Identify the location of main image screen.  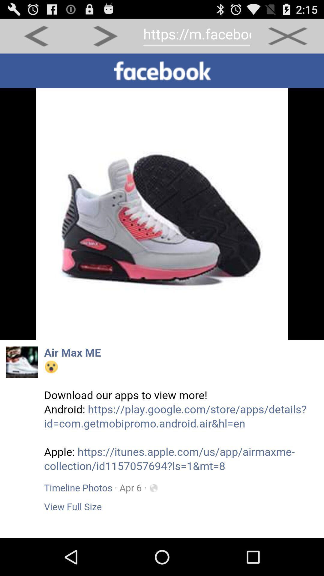
(162, 296).